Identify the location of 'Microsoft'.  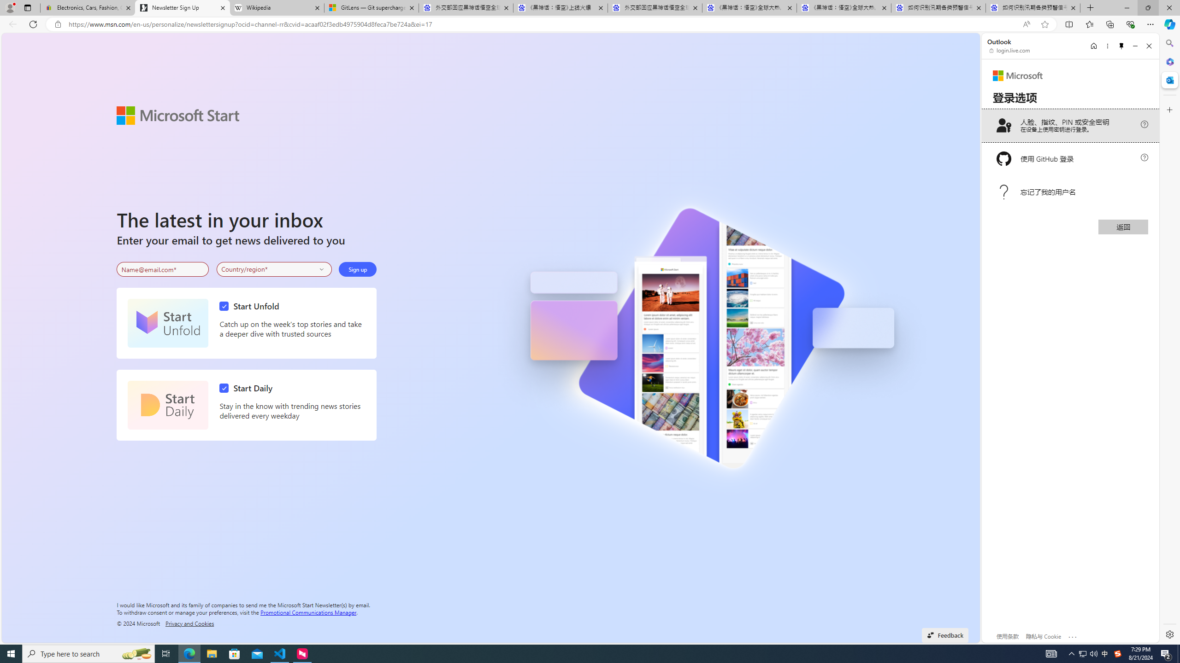
(1018, 76).